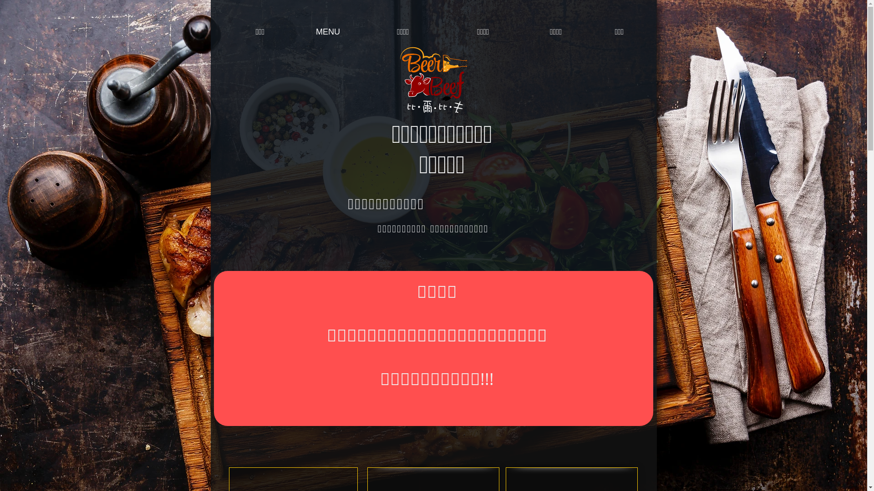 This screenshot has height=491, width=874. I want to click on 'MENU', so click(328, 31).